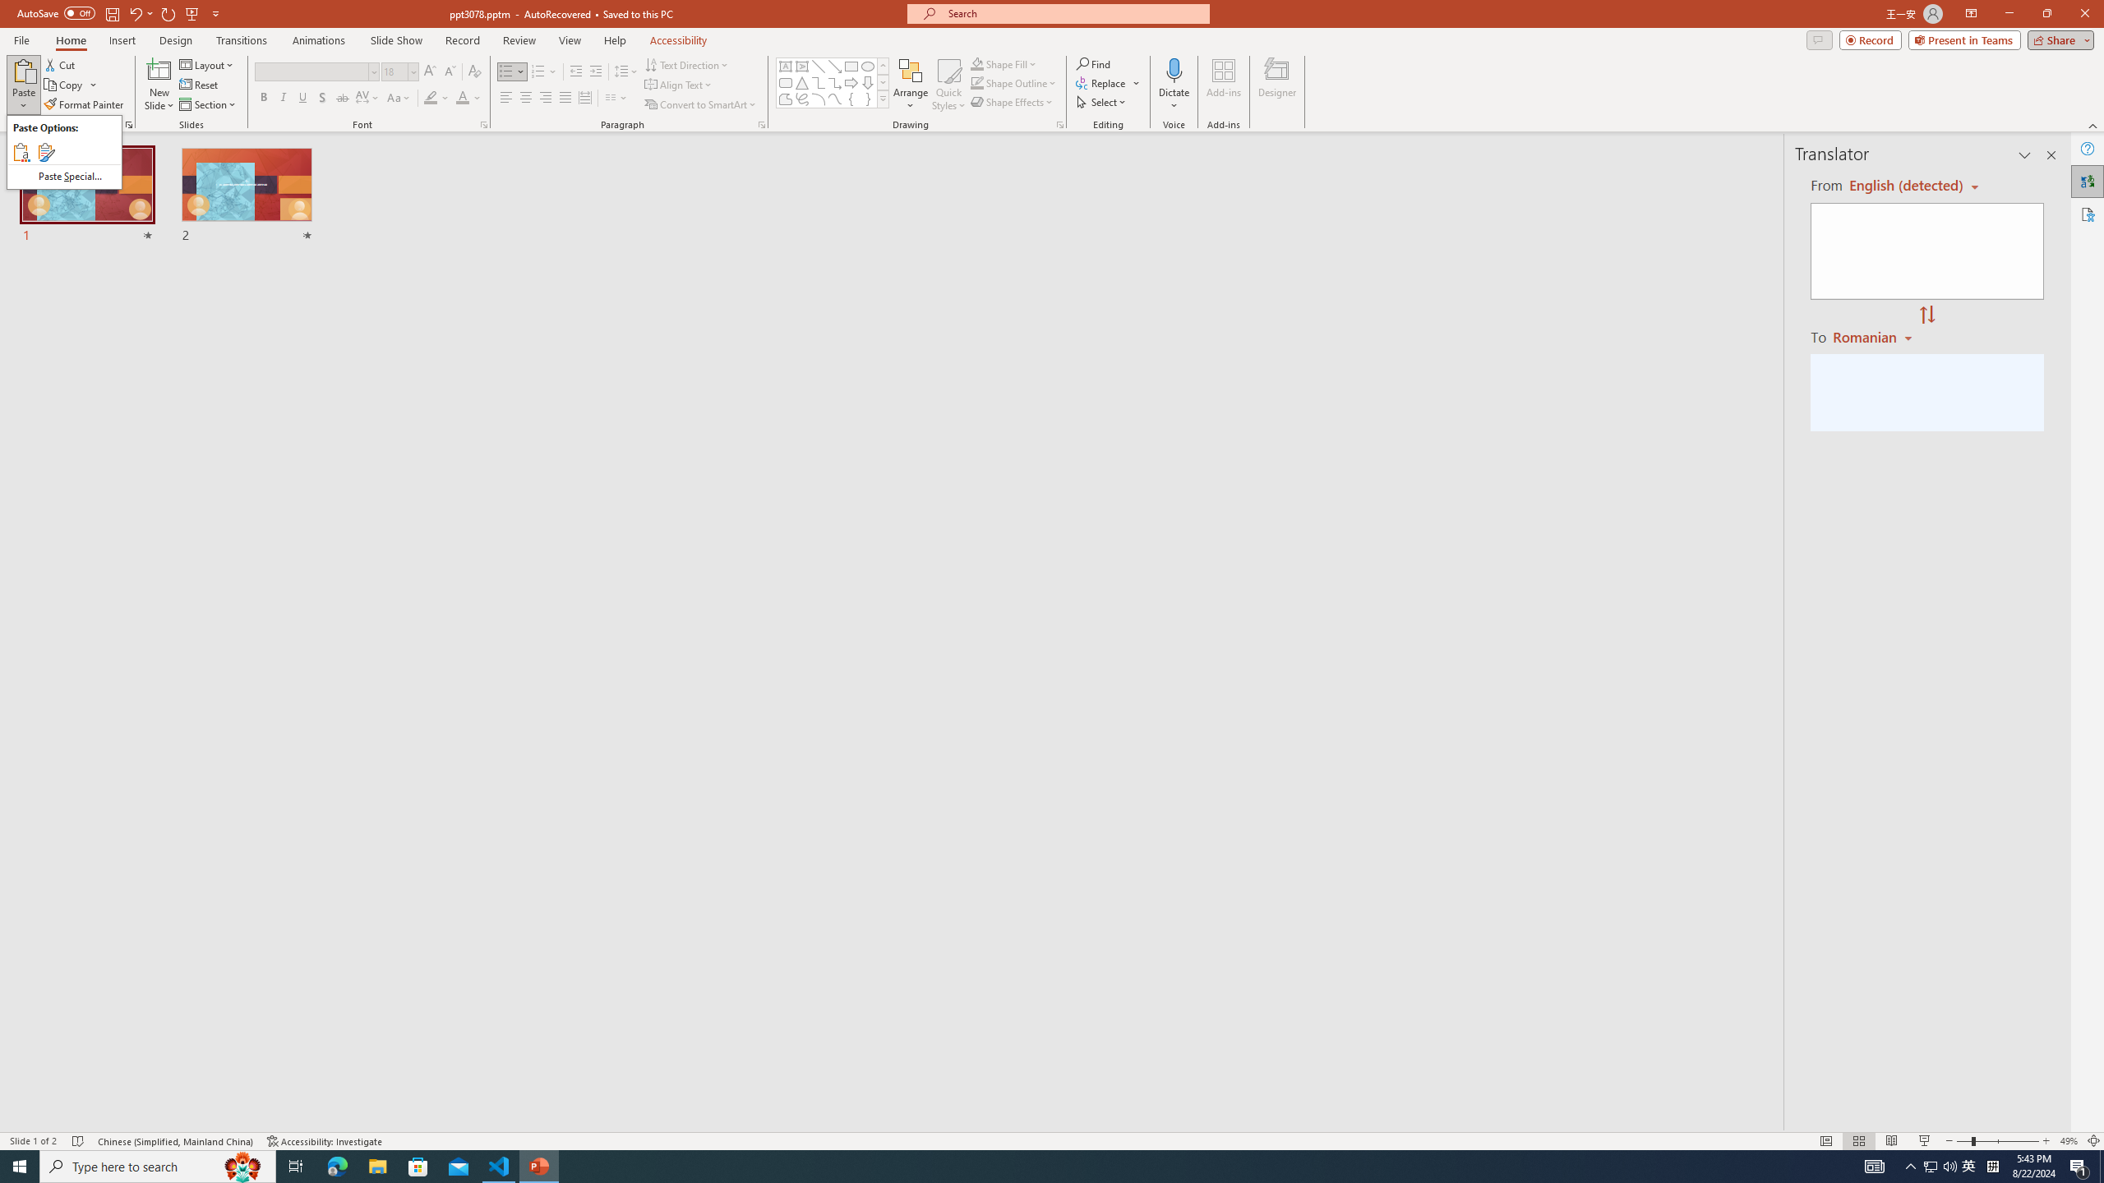  I want to click on 'Font', so click(316, 71).